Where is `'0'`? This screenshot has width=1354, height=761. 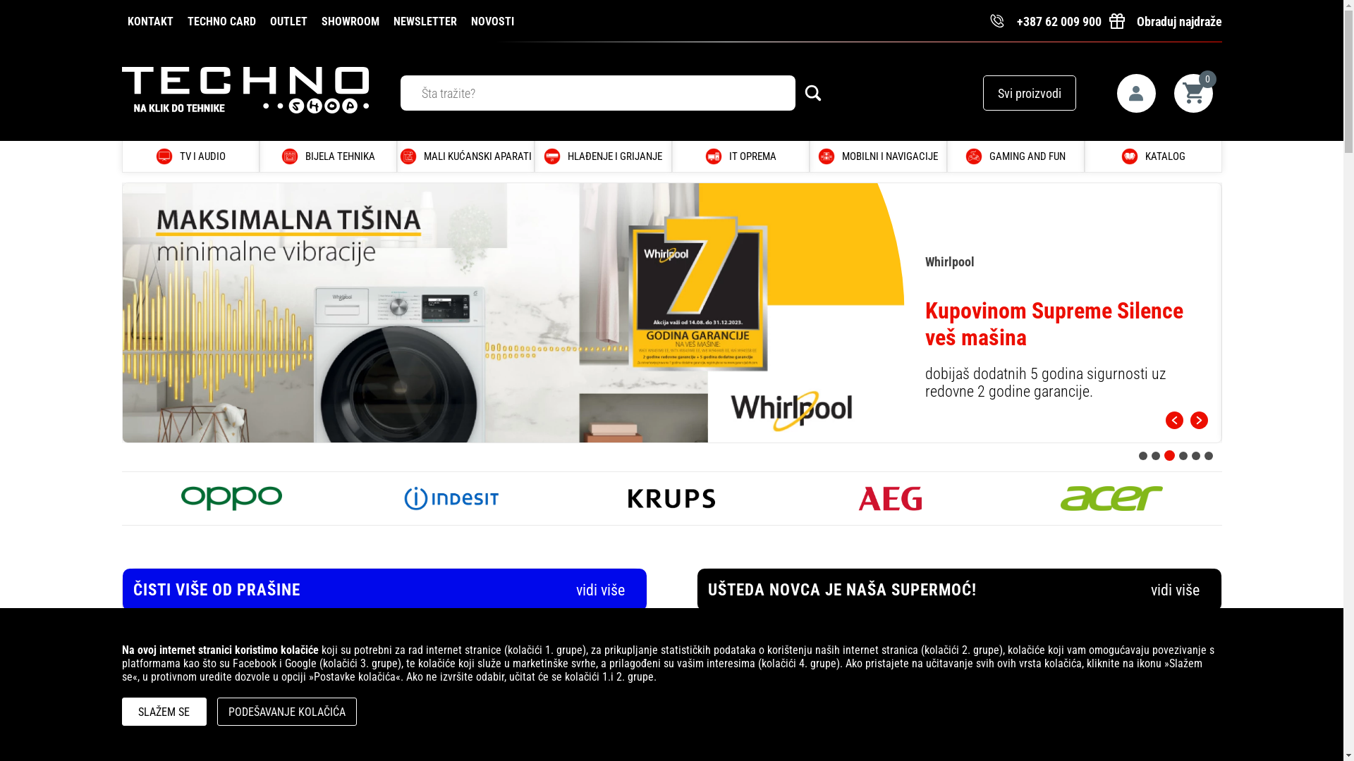
'0' is located at coordinates (1192, 92).